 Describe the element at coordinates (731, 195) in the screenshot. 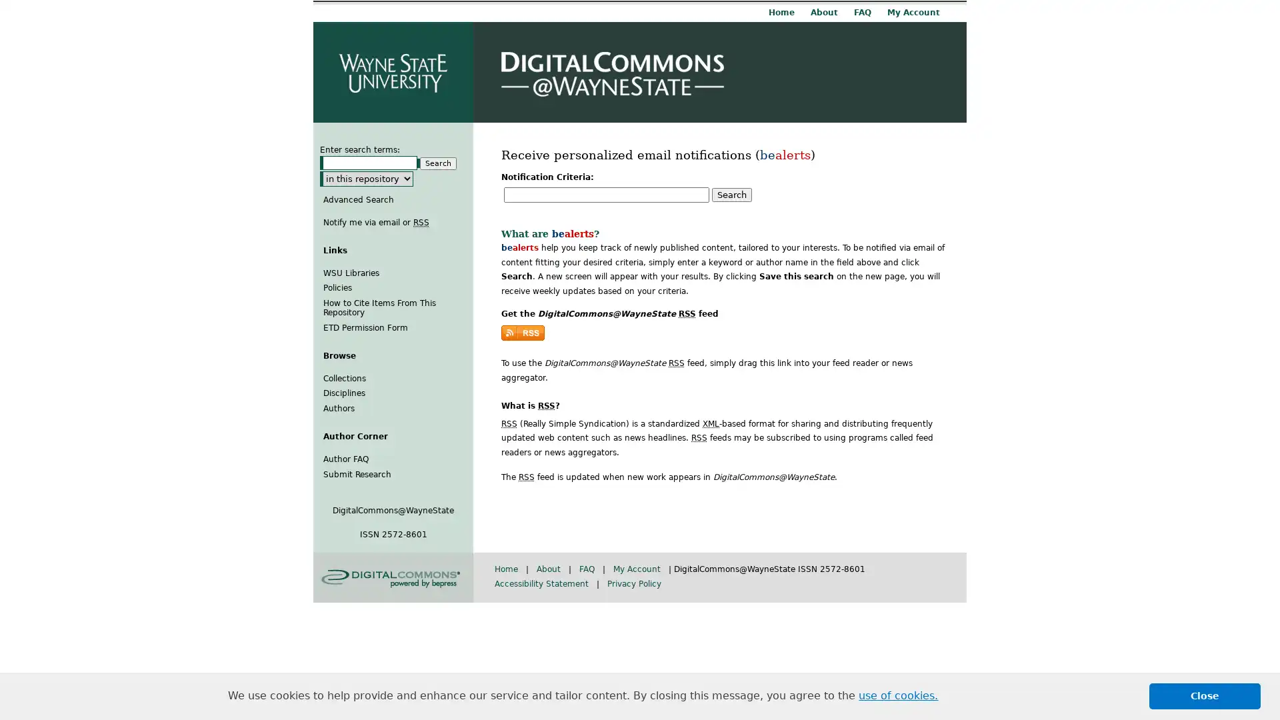

I see `Search` at that location.